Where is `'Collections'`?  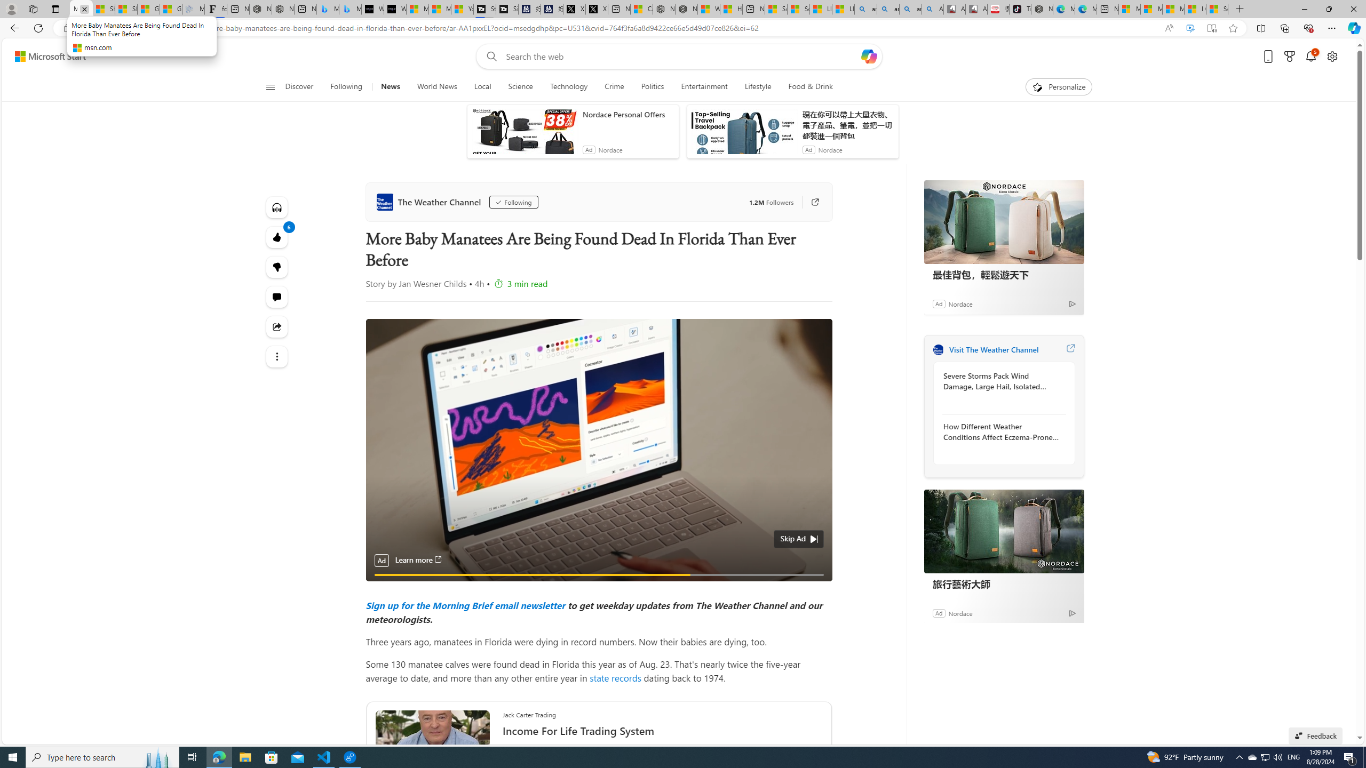
'Collections' is located at coordinates (1284, 27).